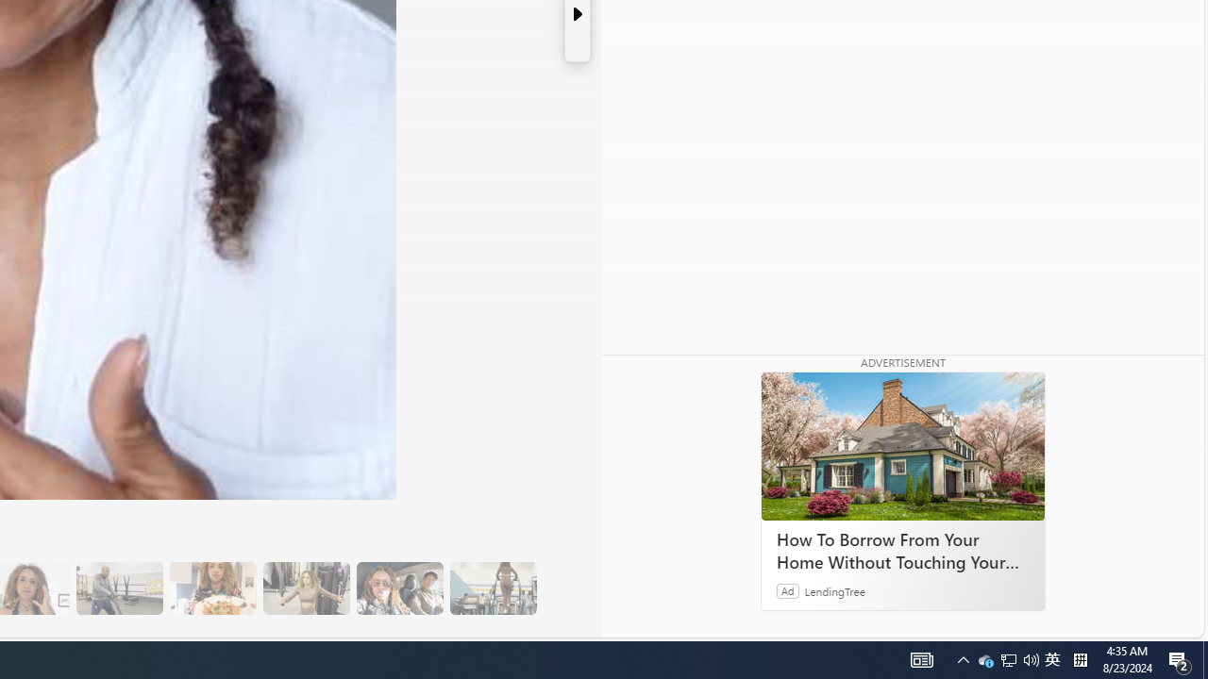  What do you see at coordinates (306, 588) in the screenshot?
I see `'15 They Also Indulge in a Low-Calorie Sweet Treat'` at bounding box center [306, 588].